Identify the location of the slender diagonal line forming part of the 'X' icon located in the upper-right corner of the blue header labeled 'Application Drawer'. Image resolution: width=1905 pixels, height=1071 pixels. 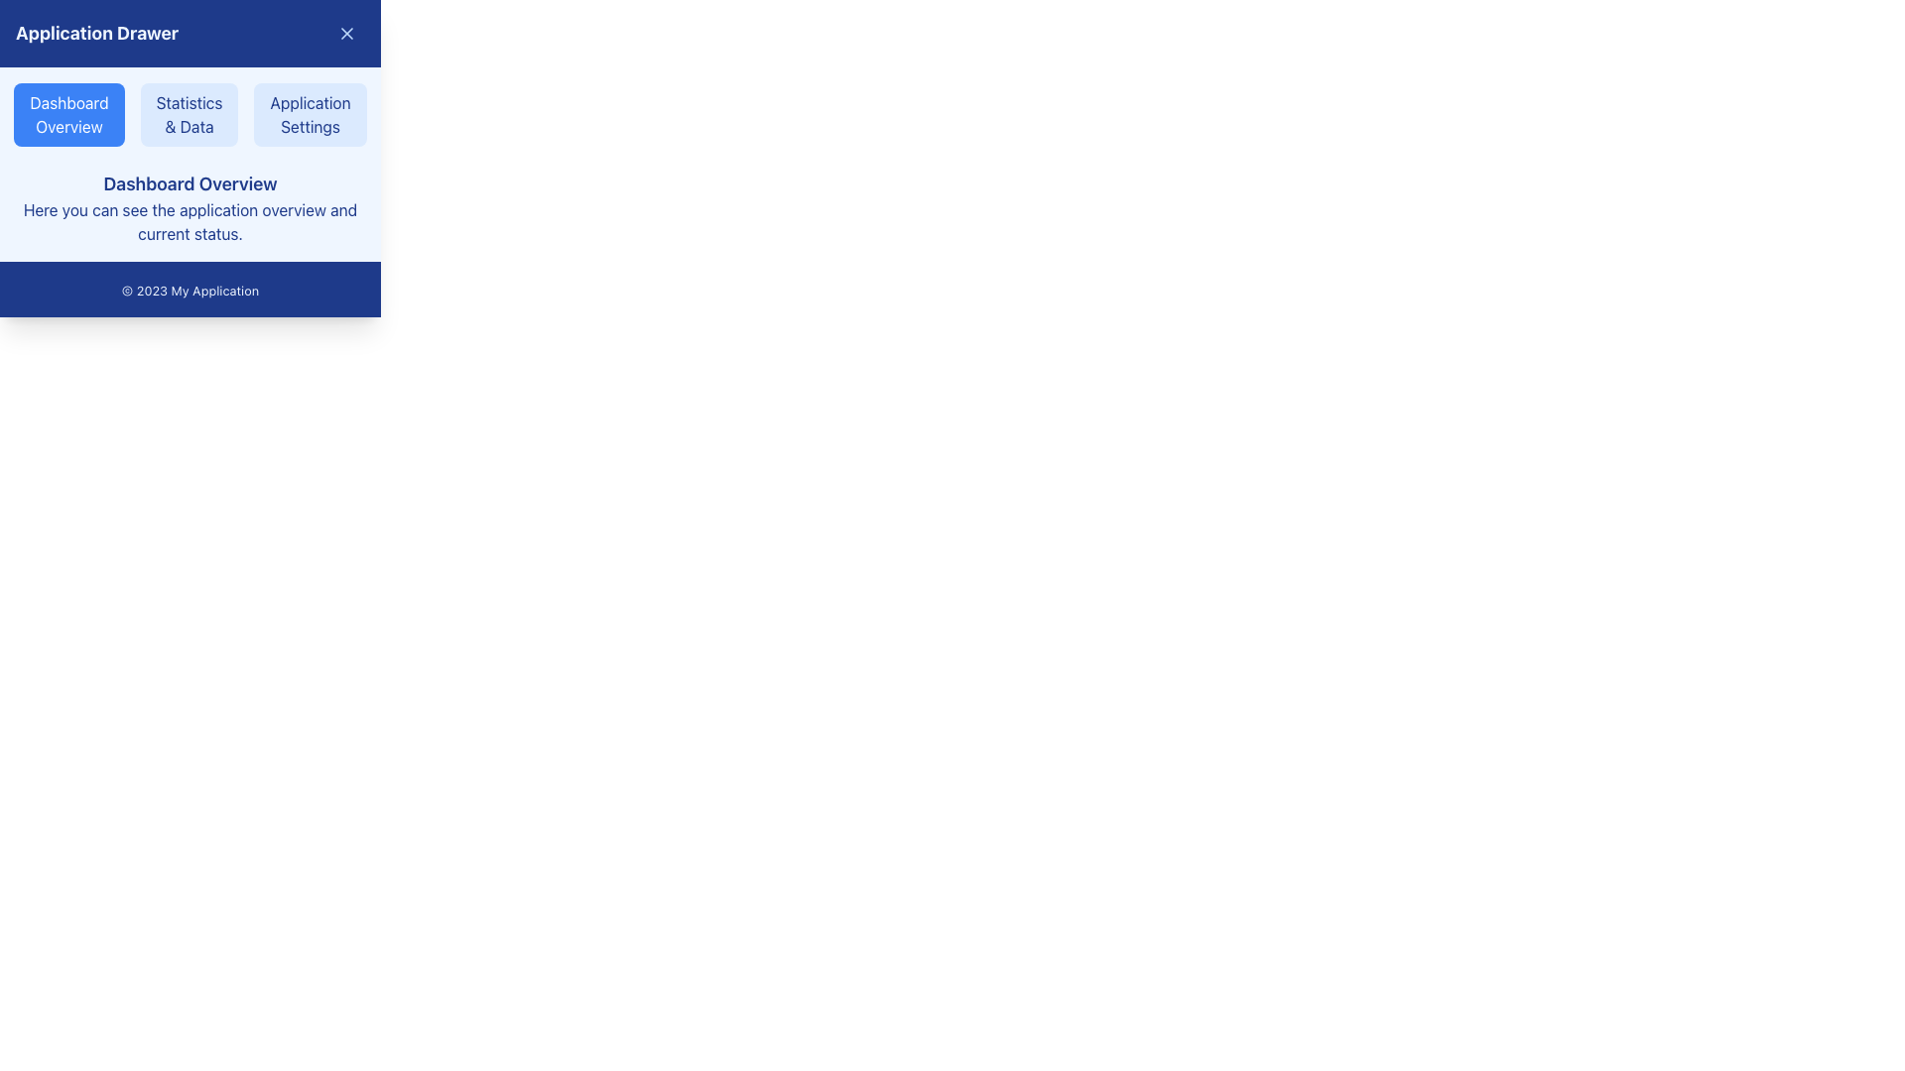
(347, 34).